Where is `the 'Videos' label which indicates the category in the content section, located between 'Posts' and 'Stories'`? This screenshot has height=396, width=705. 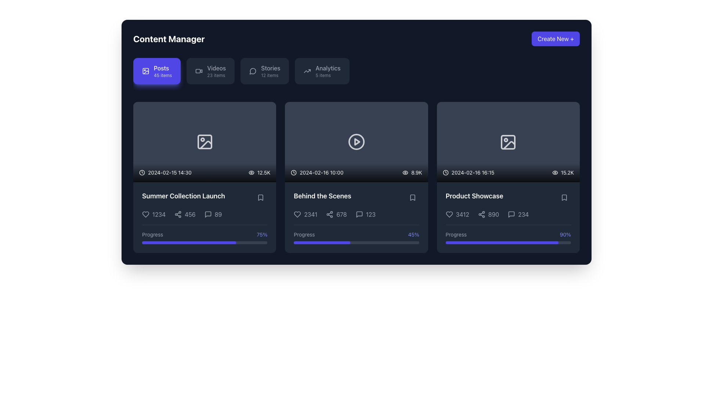 the 'Videos' label which indicates the category in the content section, located between 'Posts' and 'Stories' is located at coordinates (216, 68).